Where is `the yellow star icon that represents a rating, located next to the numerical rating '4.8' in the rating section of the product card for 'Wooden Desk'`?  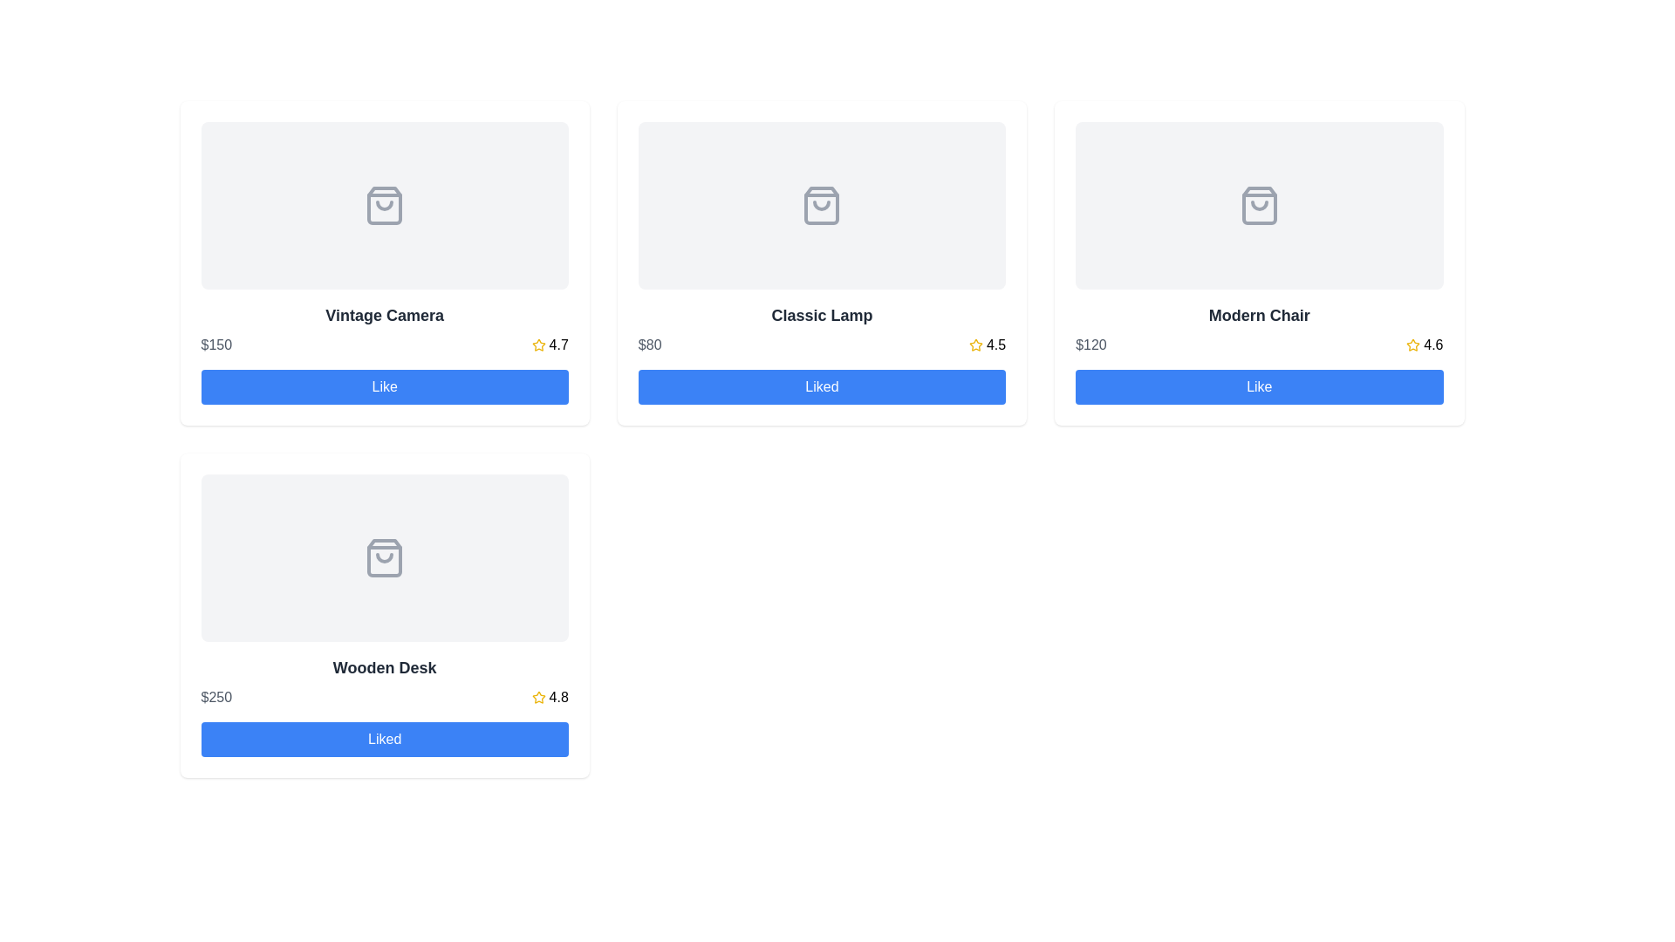 the yellow star icon that represents a rating, located next to the numerical rating '4.8' in the rating section of the product card for 'Wooden Desk' is located at coordinates (537, 696).